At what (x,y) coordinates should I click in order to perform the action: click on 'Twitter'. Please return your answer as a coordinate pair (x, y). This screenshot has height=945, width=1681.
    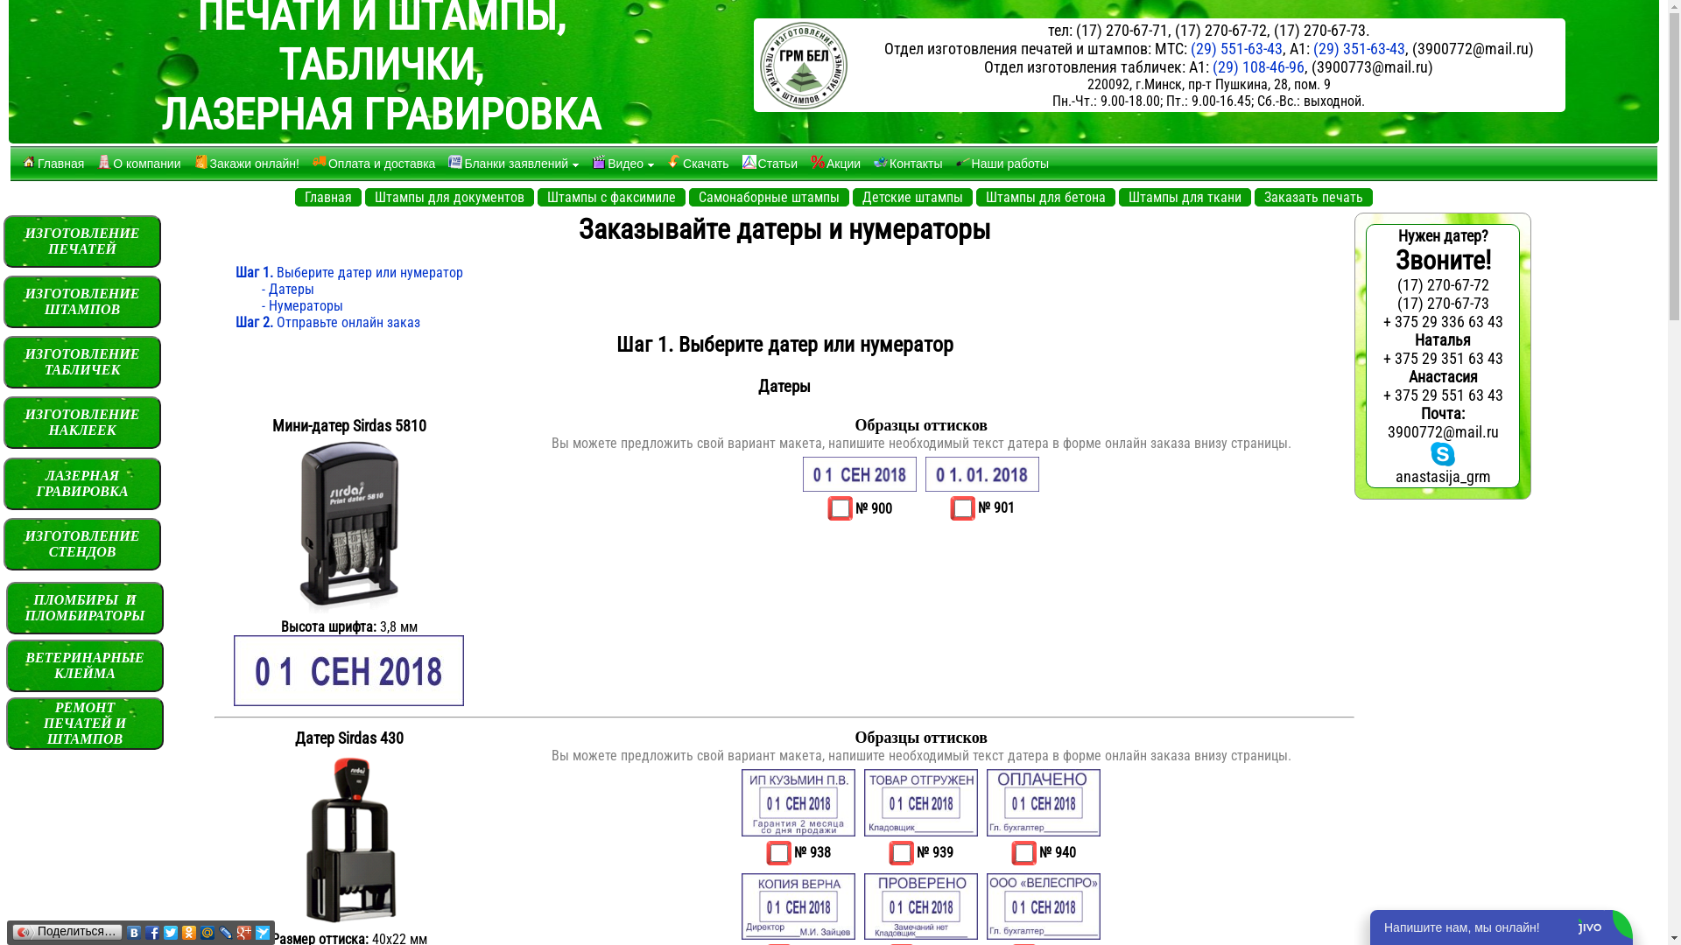
    Looking at the image, I should click on (171, 931).